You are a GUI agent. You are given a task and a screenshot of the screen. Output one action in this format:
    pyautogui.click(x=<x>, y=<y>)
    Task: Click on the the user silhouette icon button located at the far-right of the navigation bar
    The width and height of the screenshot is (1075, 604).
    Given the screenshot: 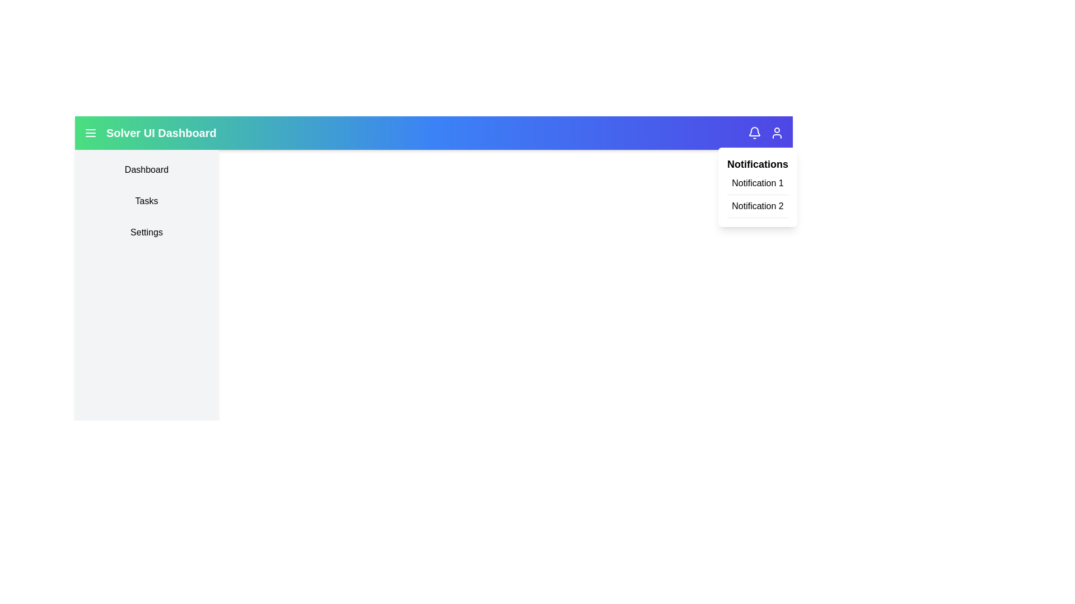 What is the action you would take?
    pyautogui.click(x=776, y=133)
    